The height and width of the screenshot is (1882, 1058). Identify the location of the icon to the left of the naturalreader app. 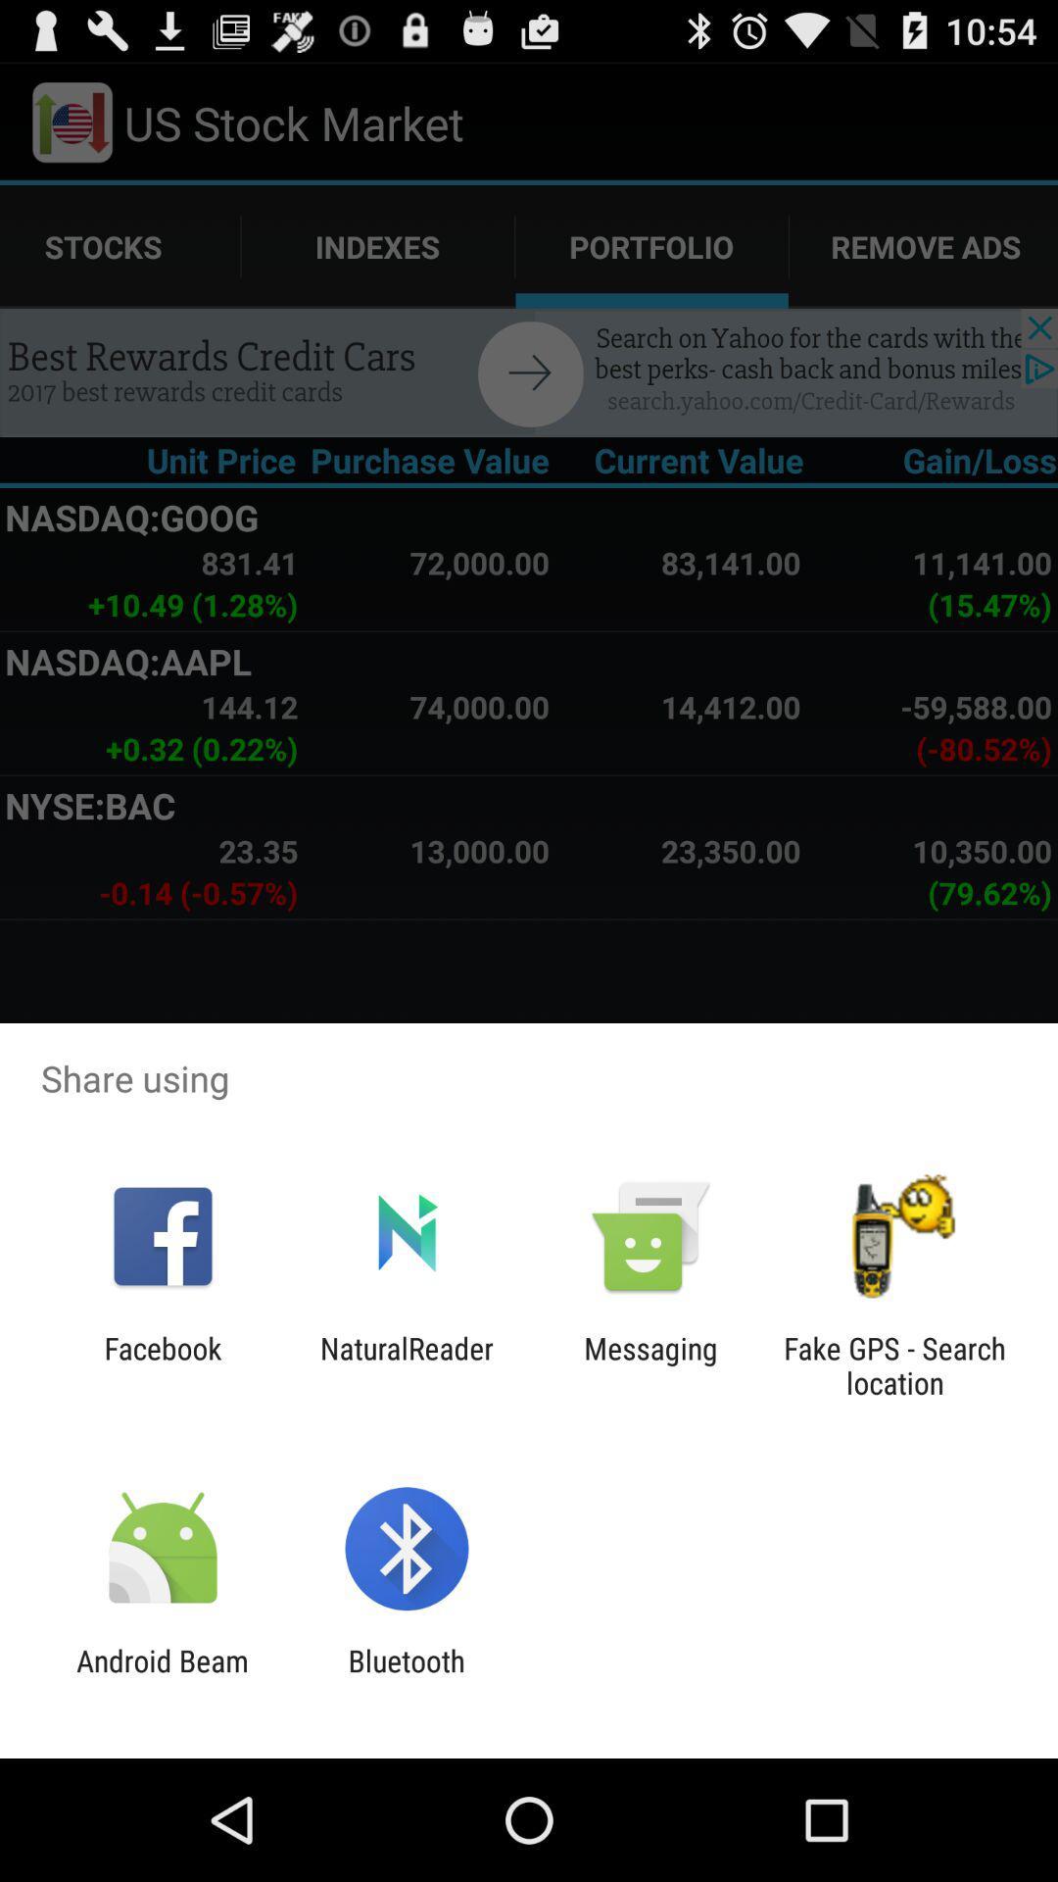
(162, 1364).